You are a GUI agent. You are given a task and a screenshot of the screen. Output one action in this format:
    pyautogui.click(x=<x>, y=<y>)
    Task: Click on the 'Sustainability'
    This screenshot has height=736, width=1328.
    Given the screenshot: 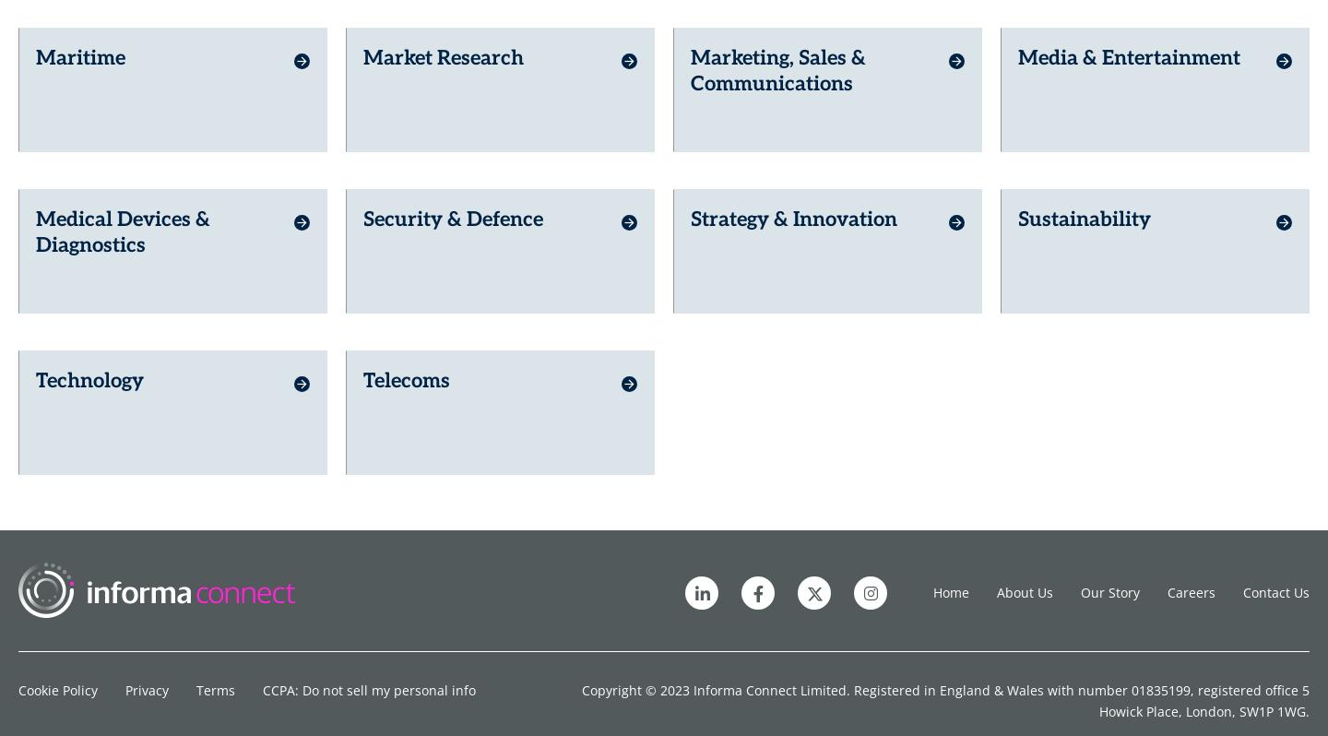 What is the action you would take?
    pyautogui.click(x=1085, y=206)
    